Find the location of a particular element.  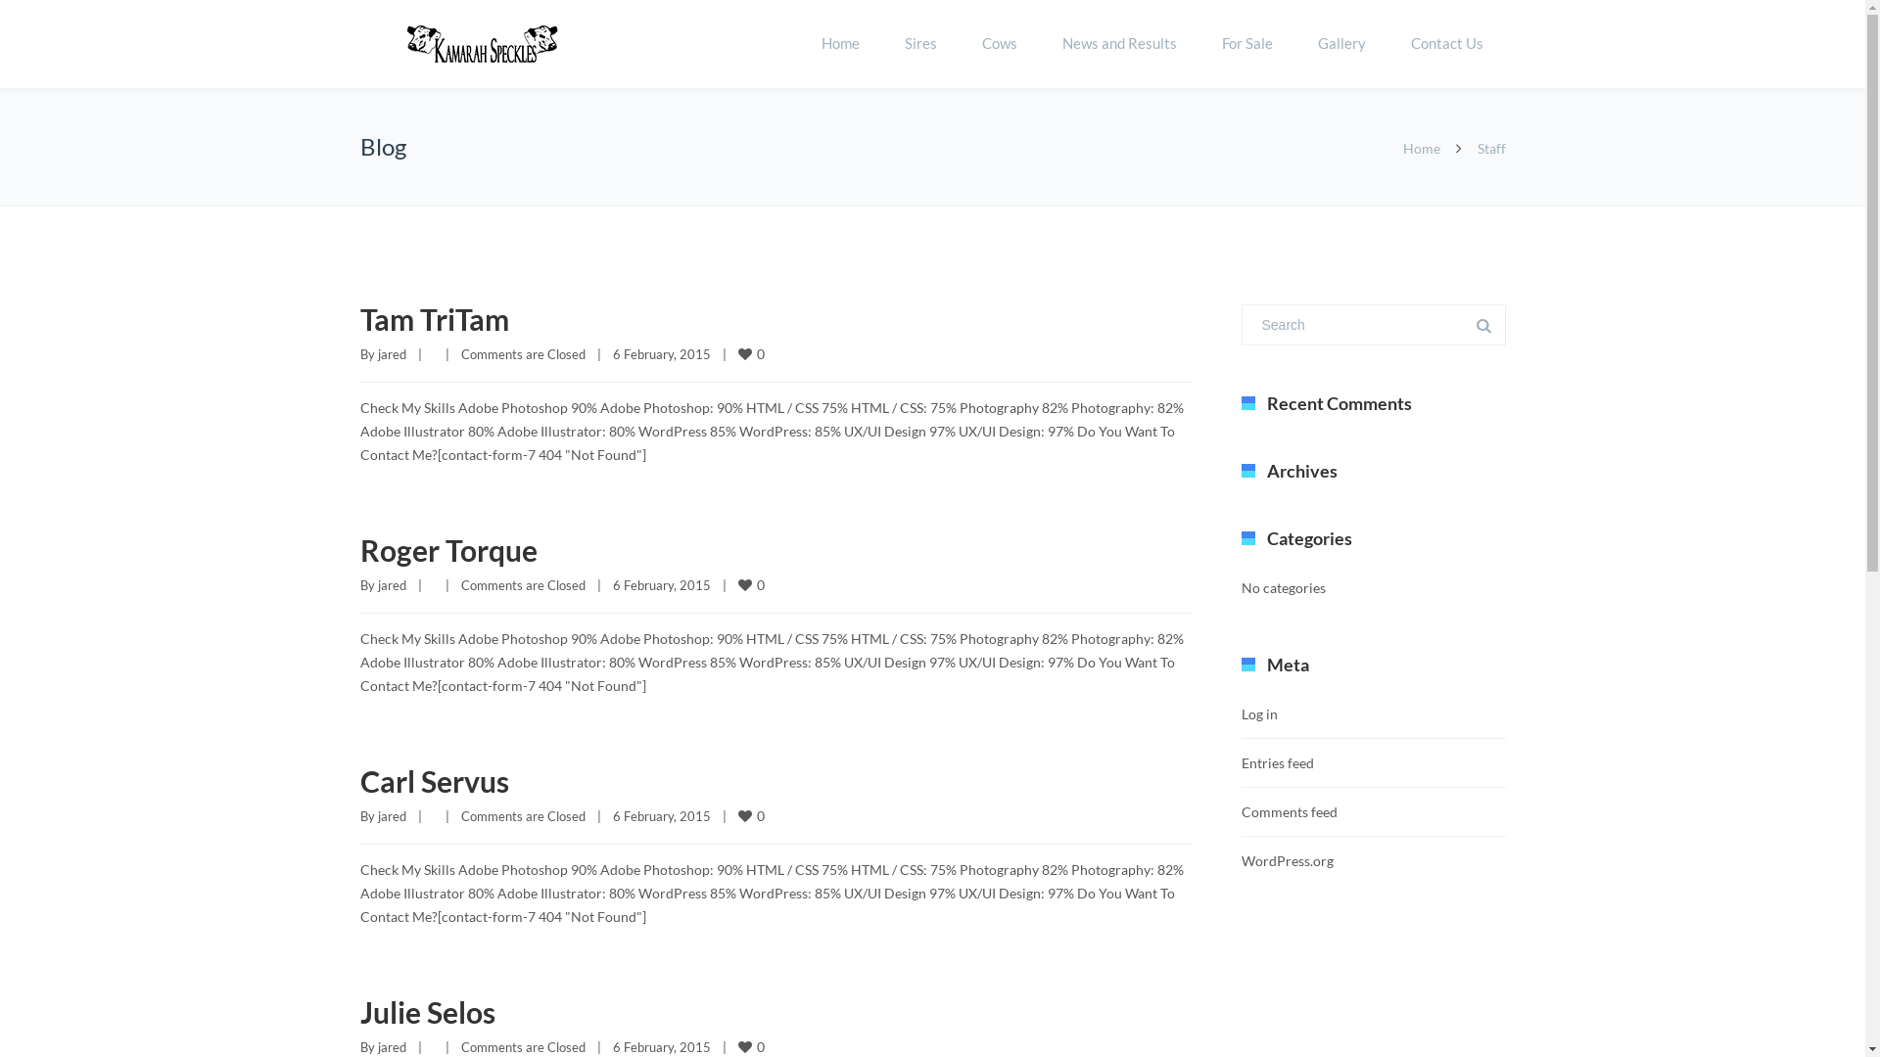

'Julie Selos' is located at coordinates (426, 1011).